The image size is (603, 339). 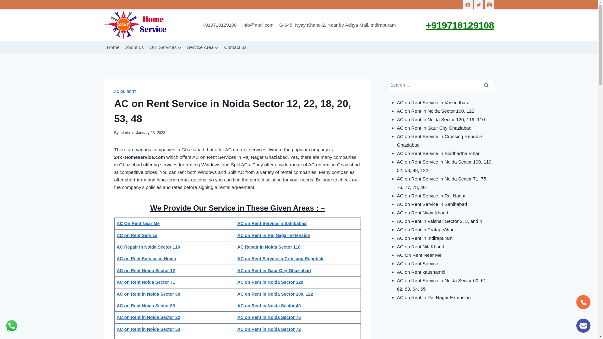 What do you see at coordinates (220, 25) in the screenshot?
I see `'+919718129108'` at bounding box center [220, 25].